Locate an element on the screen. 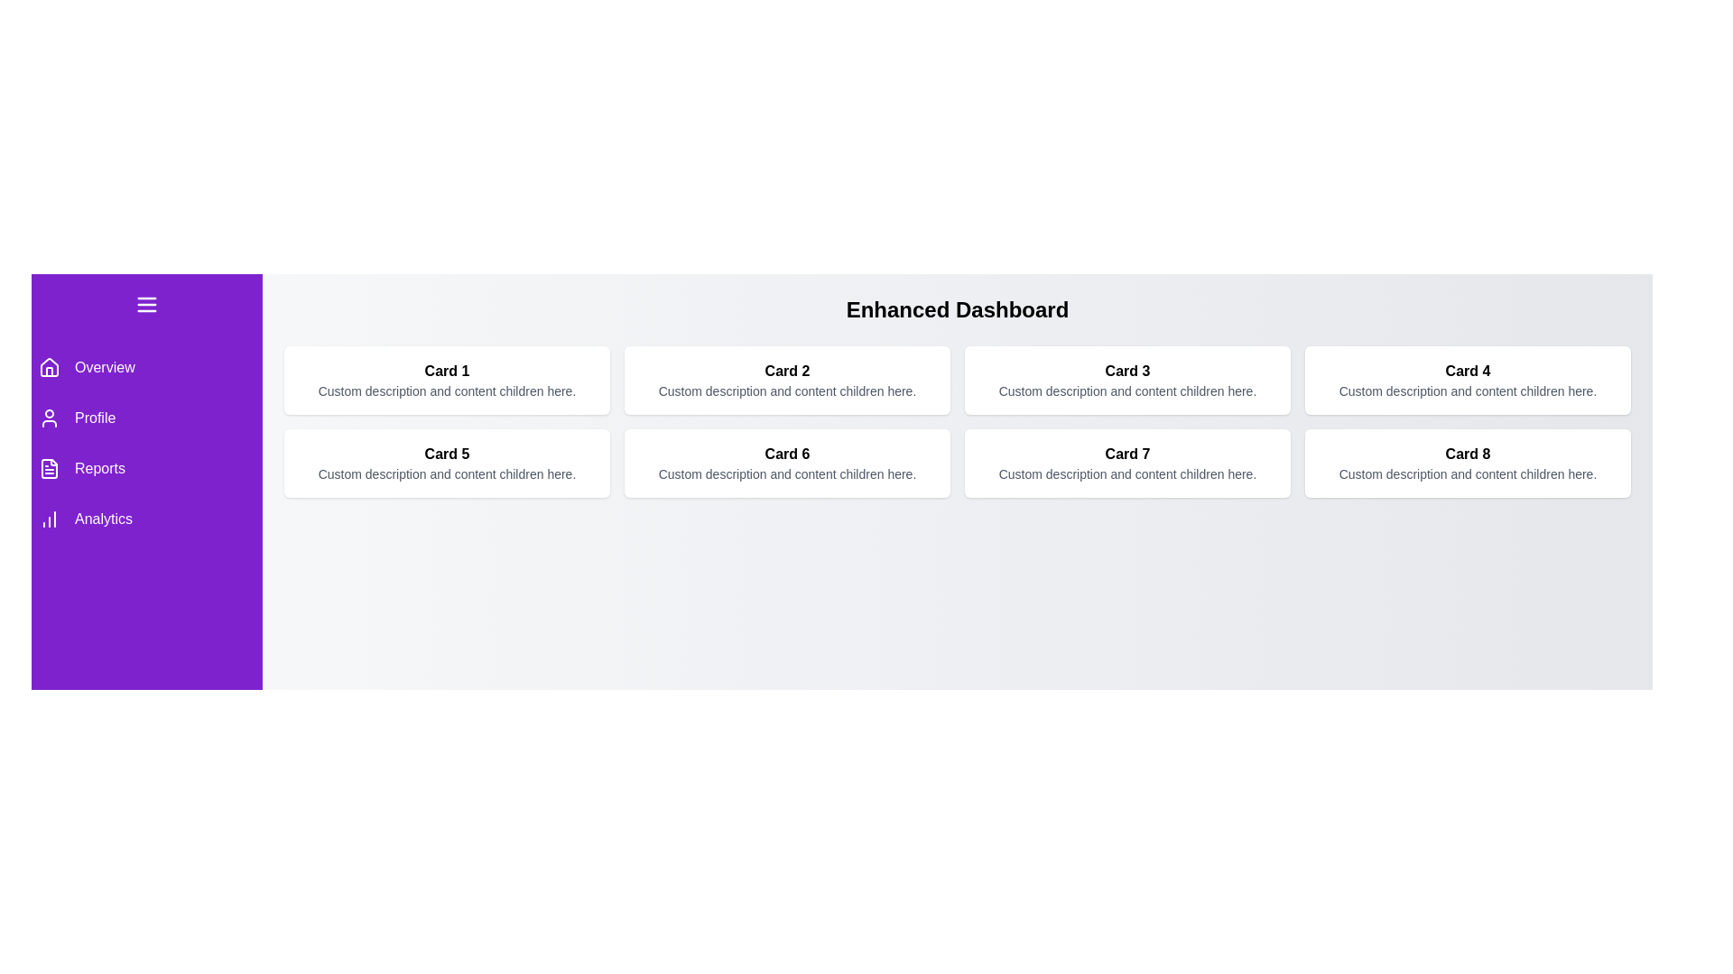 This screenshot has width=1733, height=974. the menu item Analytics to navigate to the corresponding section is located at coordinates (147, 519).